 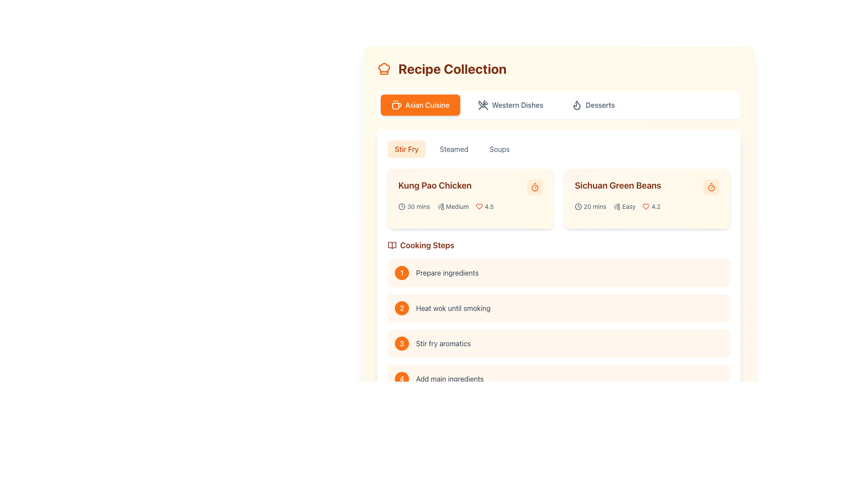 I want to click on the 'Steamed' button in the horizontal navigation bar, located between 'Stir Fry' and 'Soups', which displays in a muted slate-gray font and changes, so click(x=454, y=149).